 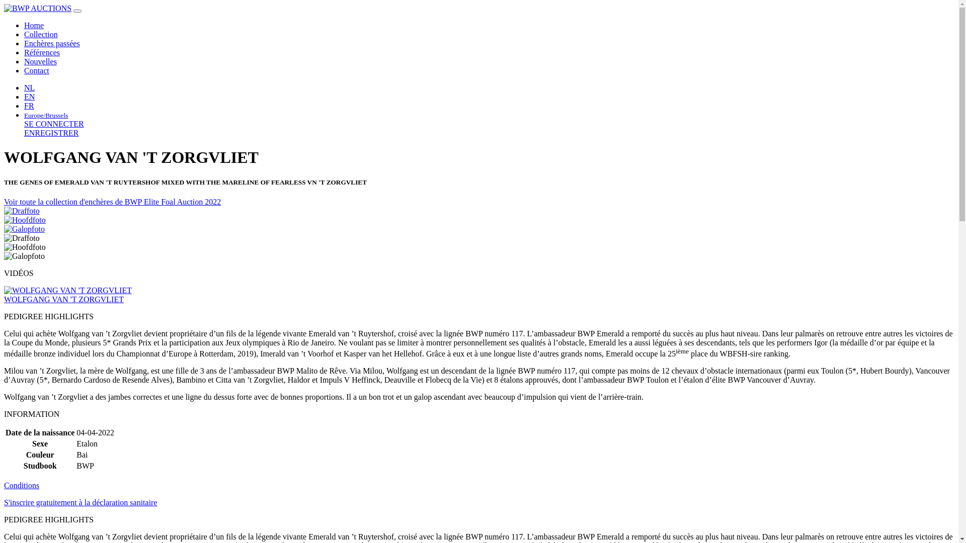 What do you see at coordinates (40, 34) in the screenshot?
I see `'Collection'` at bounding box center [40, 34].